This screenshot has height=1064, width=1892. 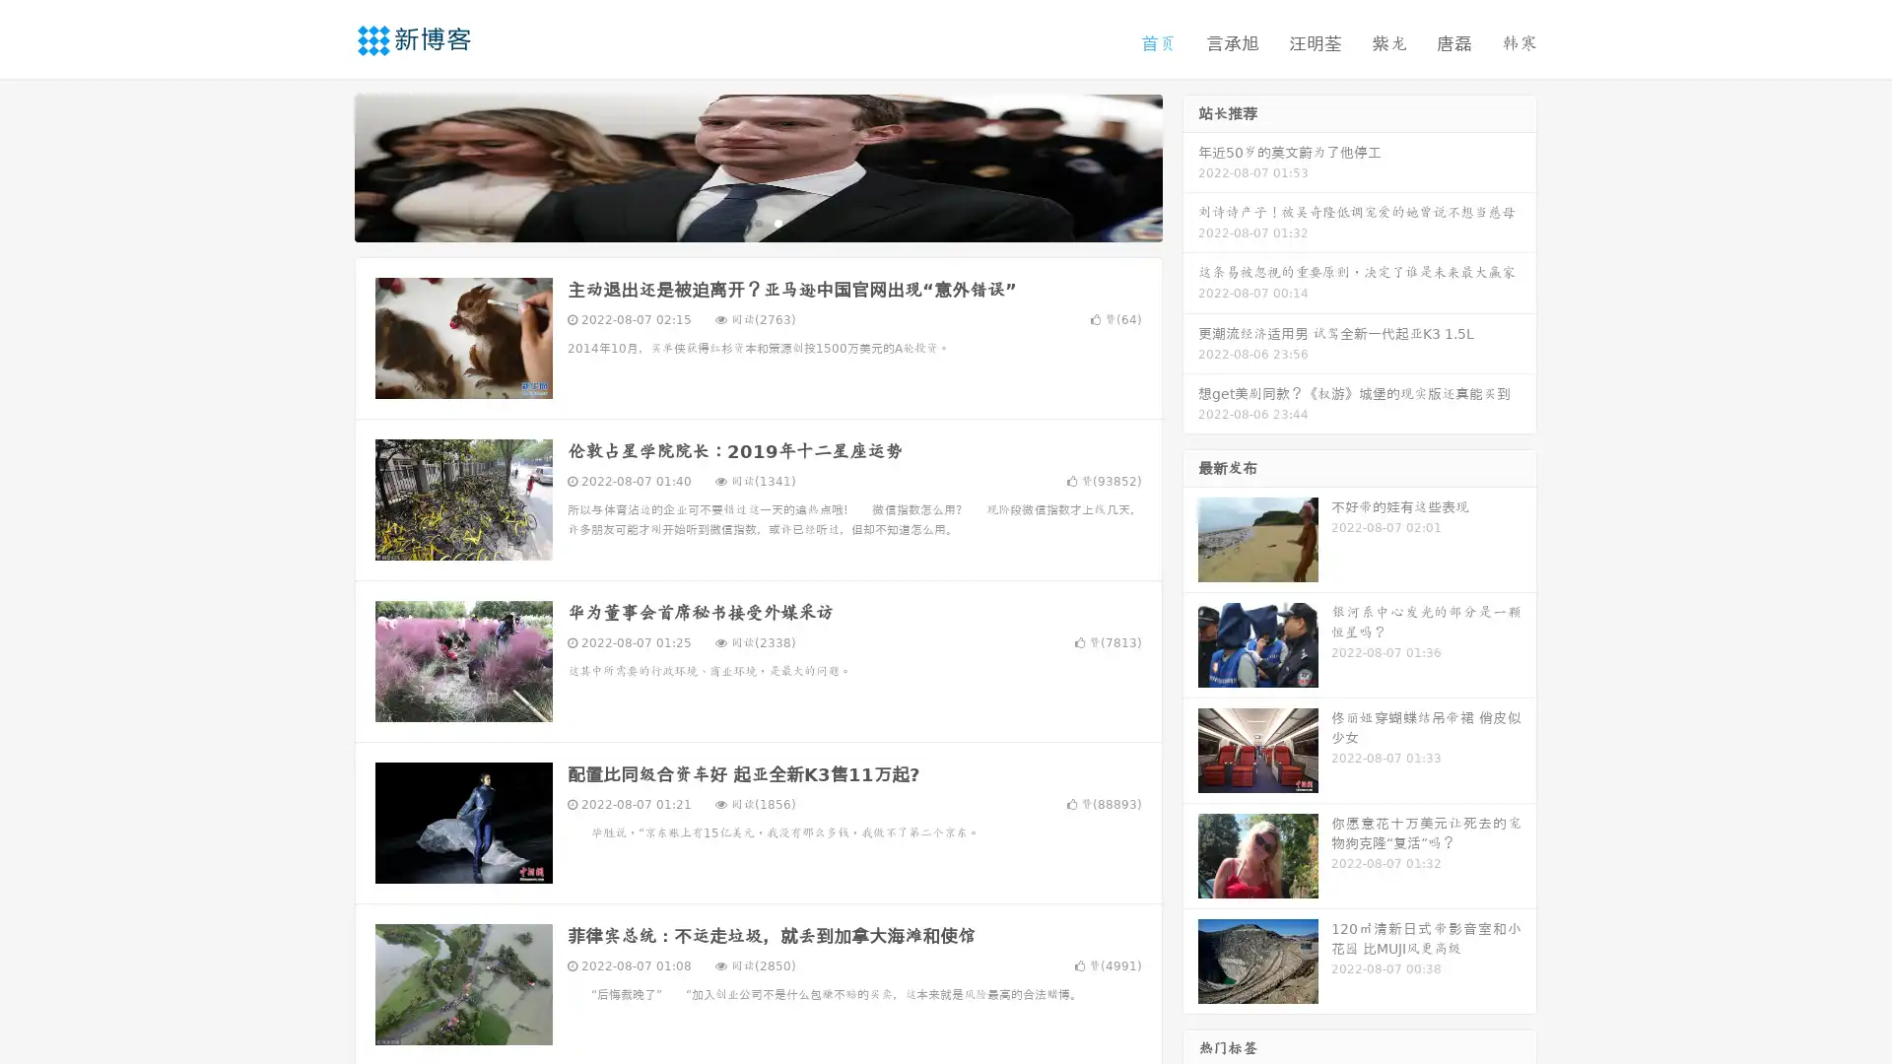 I want to click on Previous slide, so click(x=325, y=166).